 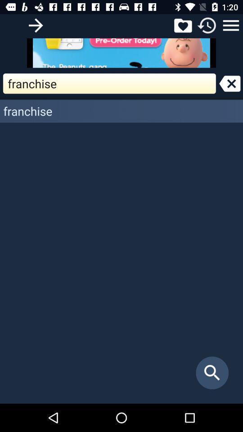 I want to click on update, so click(x=207, y=25).